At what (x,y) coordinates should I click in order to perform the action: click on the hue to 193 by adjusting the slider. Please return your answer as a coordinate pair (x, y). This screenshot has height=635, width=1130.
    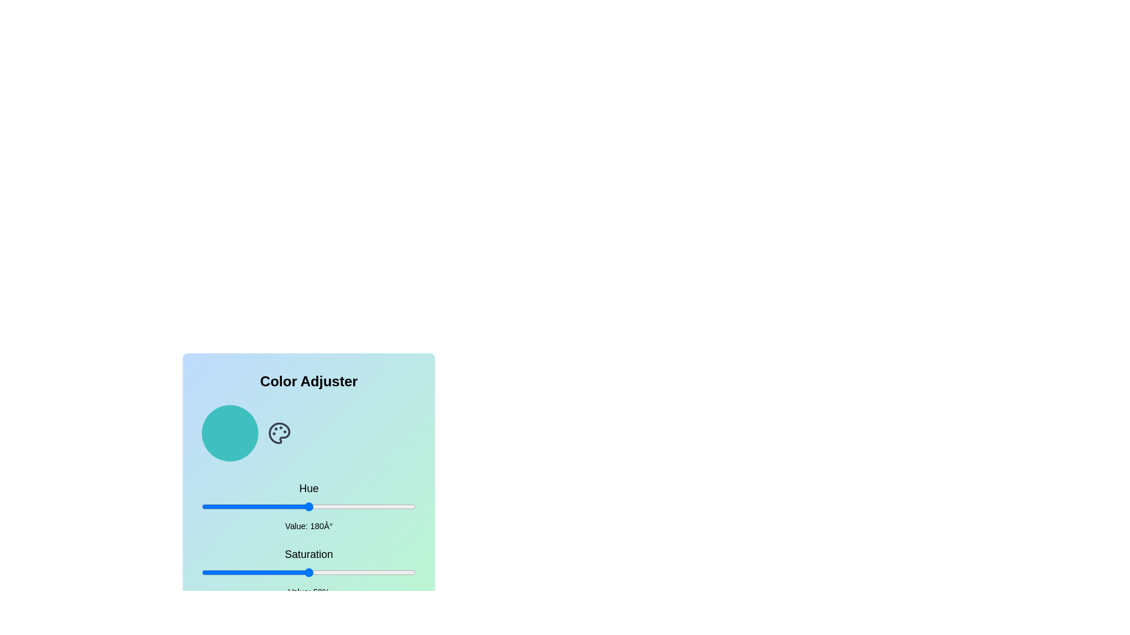
    Looking at the image, I should click on (317, 506).